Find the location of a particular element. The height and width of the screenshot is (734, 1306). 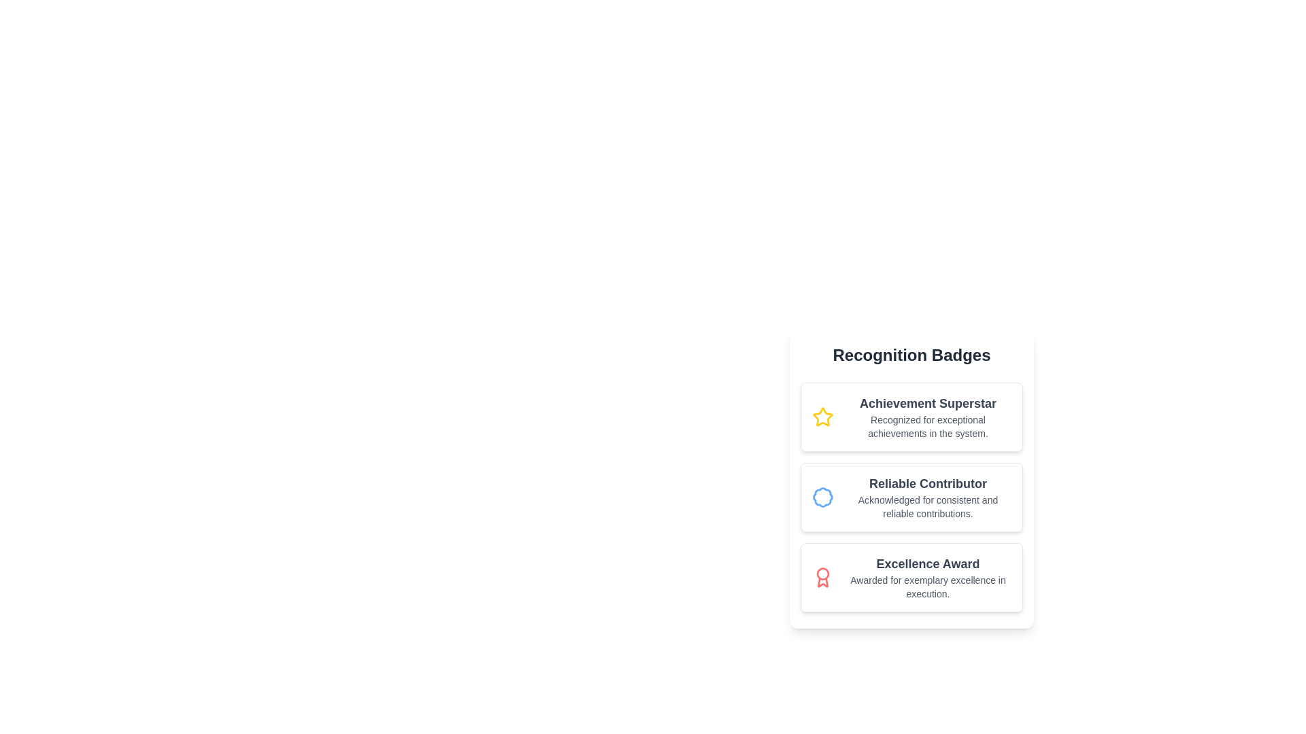

the 'Achievement Superstar' badge icon, which visually represents an achievement or recognition symbol located in the 'Recognition Badges' panel is located at coordinates (828, 416).